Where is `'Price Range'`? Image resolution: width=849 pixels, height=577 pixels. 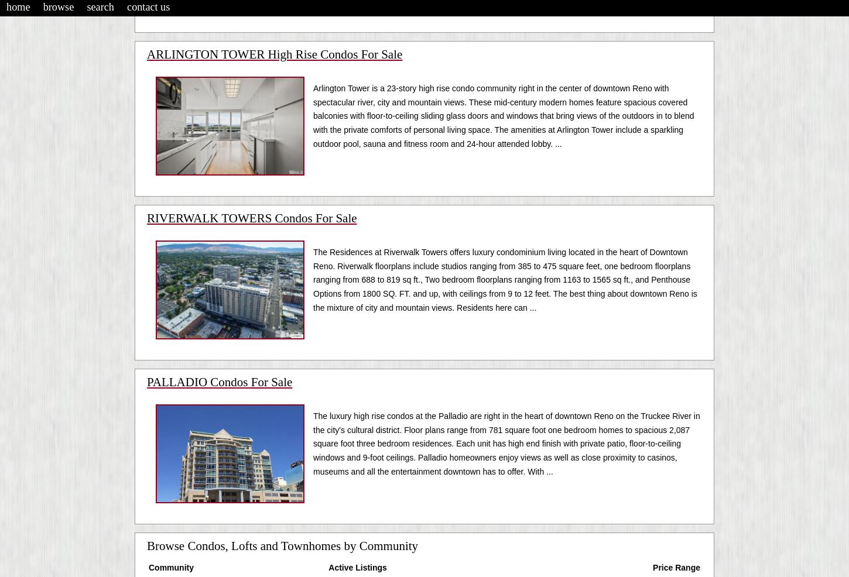 'Price Range' is located at coordinates (676, 567).